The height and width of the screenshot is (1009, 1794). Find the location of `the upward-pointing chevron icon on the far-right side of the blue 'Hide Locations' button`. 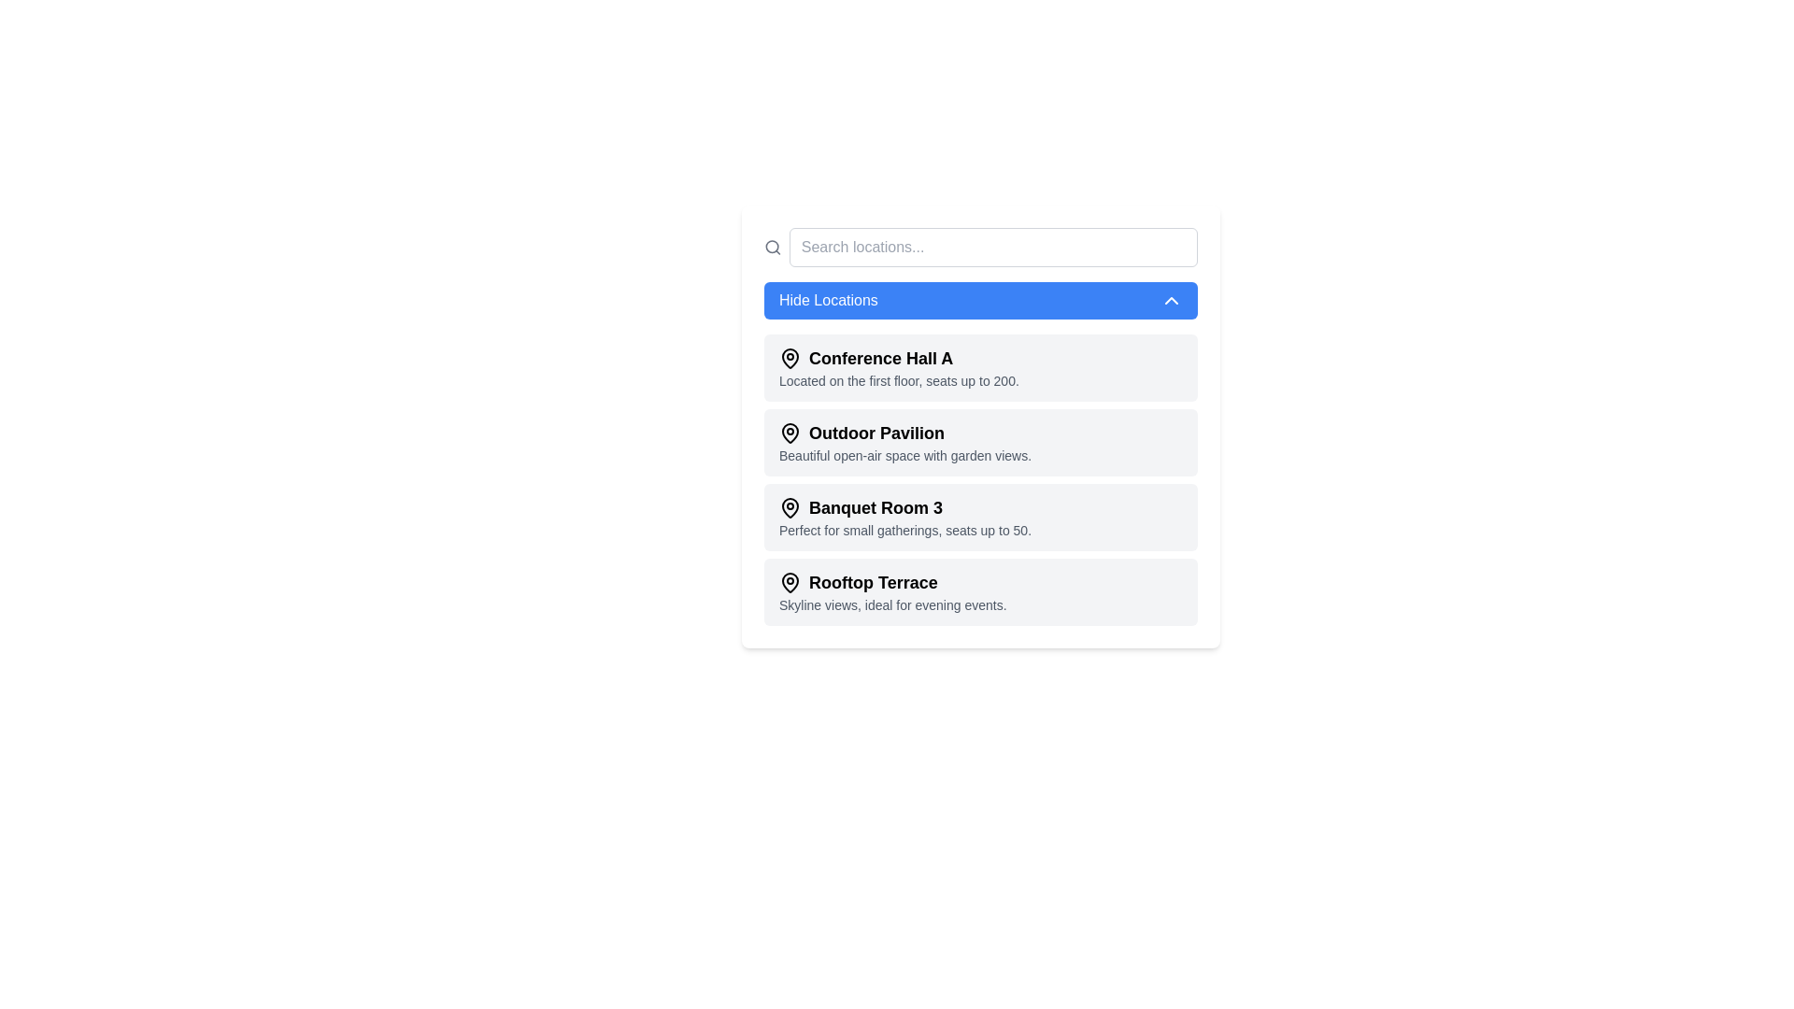

the upward-pointing chevron icon on the far-right side of the blue 'Hide Locations' button is located at coordinates (1170, 299).